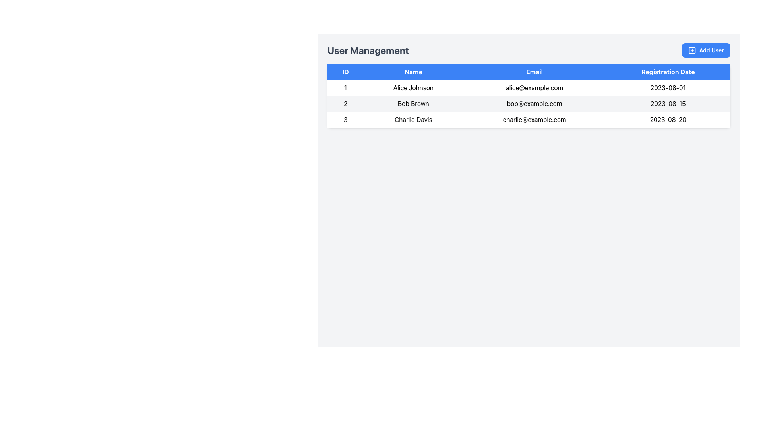 Image resolution: width=763 pixels, height=429 pixels. What do you see at coordinates (413, 87) in the screenshot?
I see `the text label displaying 'Alice Johnson' located in the second column under the header 'Name' in the first row of the table` at bounding box center [413, 87].